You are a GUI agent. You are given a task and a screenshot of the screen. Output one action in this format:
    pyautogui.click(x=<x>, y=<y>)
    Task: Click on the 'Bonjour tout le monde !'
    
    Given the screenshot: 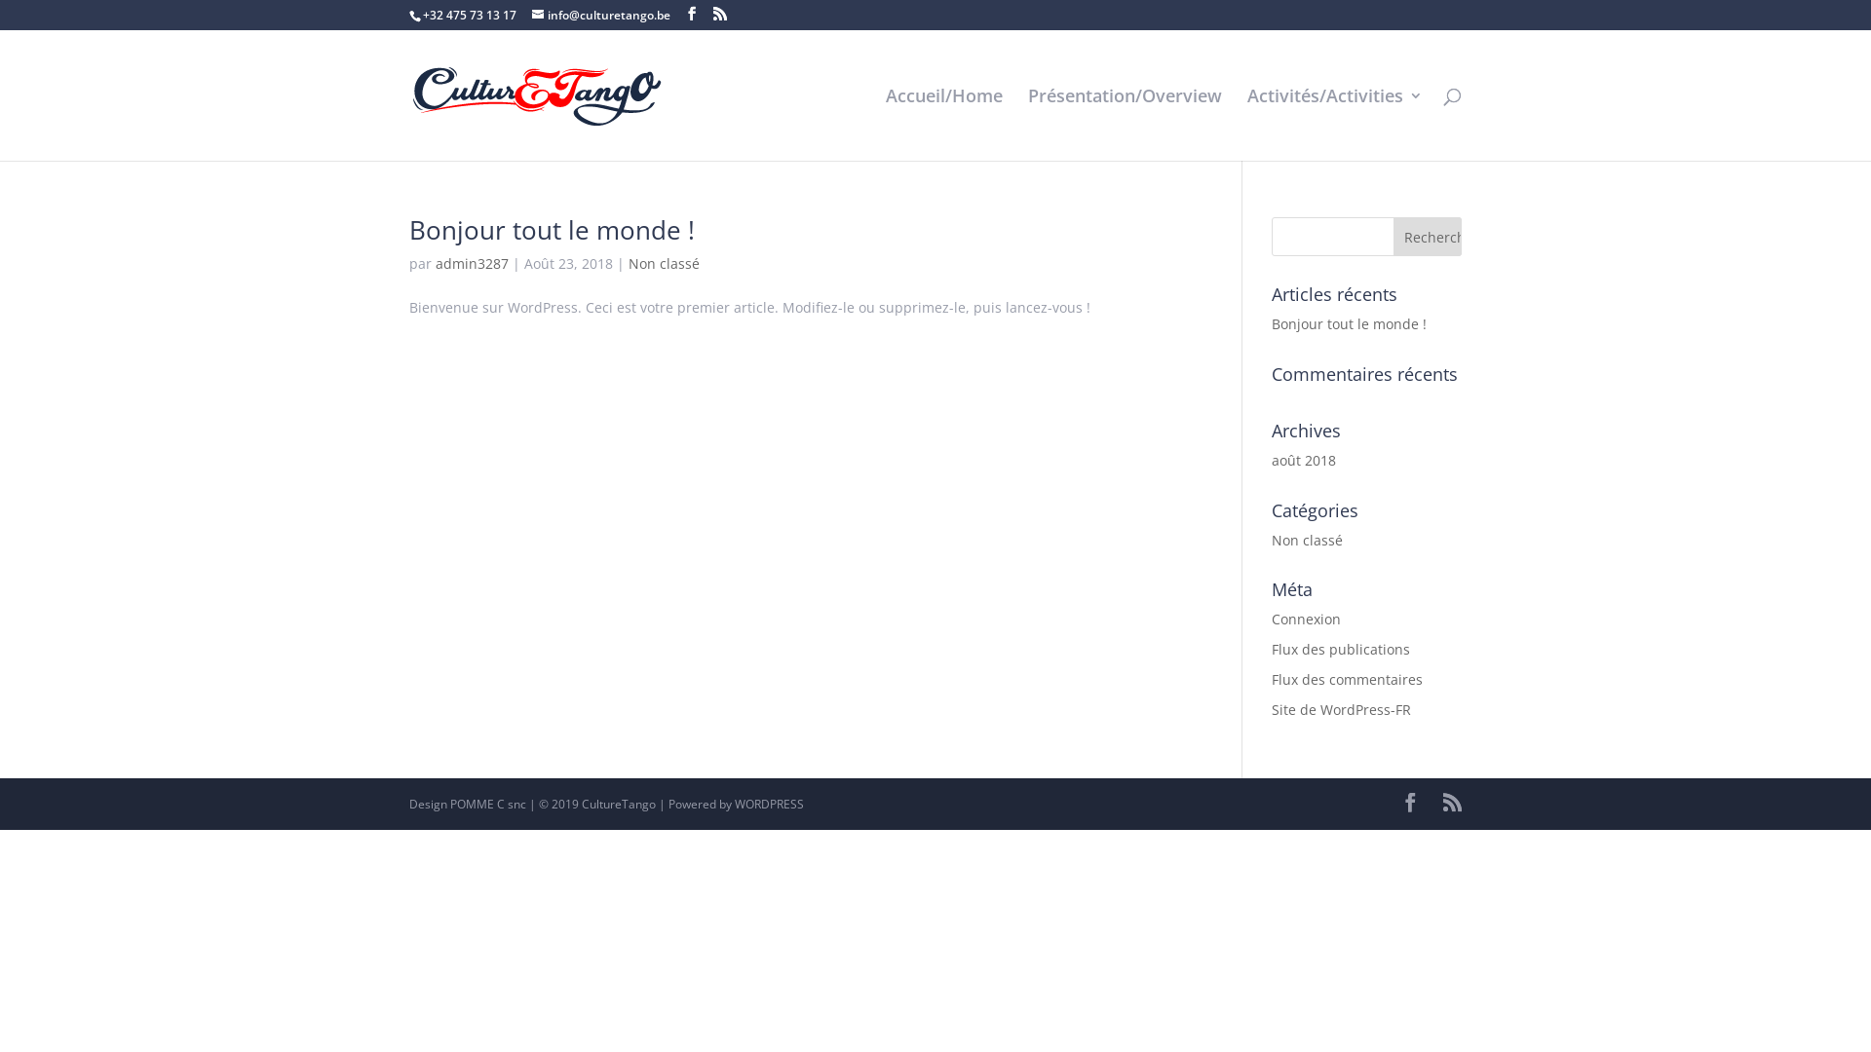 What is the action you would take?
    pyautogui.click(x=1348, y=322)
    